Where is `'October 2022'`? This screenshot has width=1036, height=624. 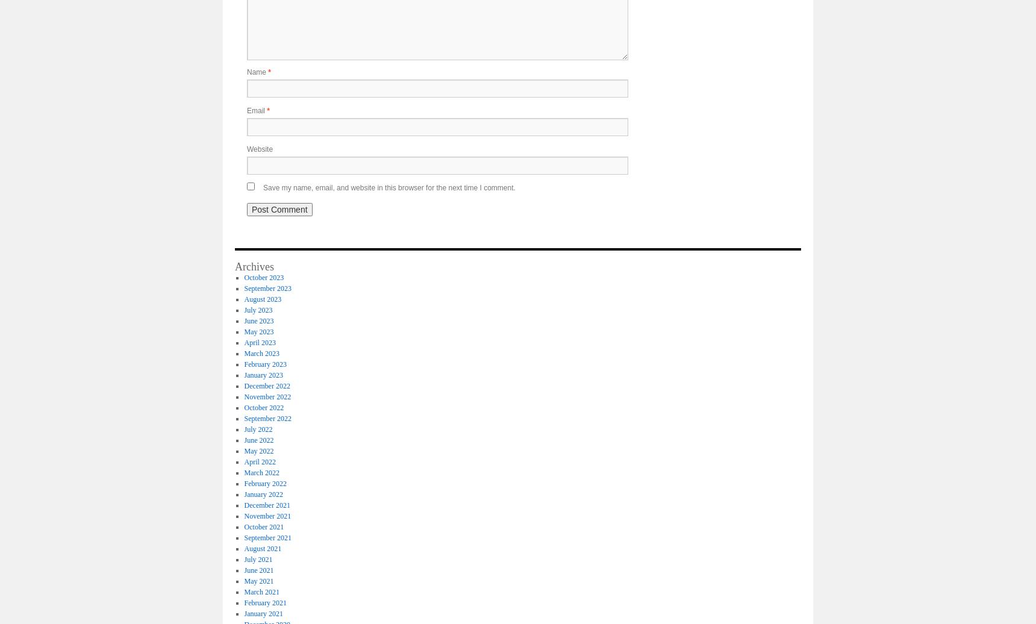 'October 2022' is located at coordinates (263, 407).